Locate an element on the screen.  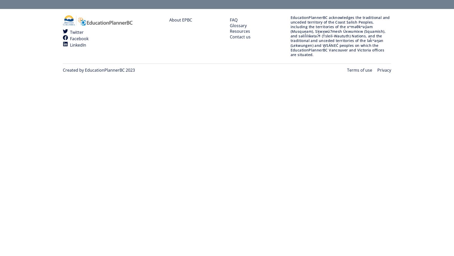
'Terms of use' is located at coordinates (360, 70).